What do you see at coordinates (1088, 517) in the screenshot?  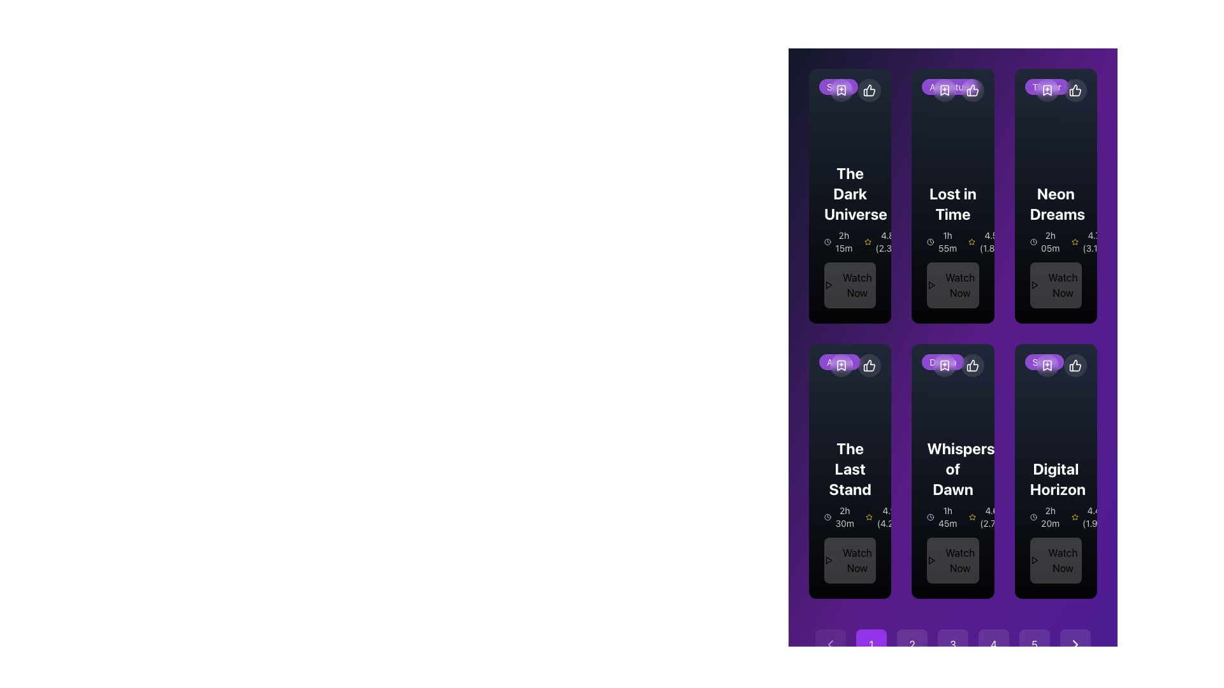 I see `rating score and review count displayed as '4.4 (1.9k)' next to the yellow star icon in the bottom-right part of the 'Digital Horizon' card` at bounding box center [1088, 517].